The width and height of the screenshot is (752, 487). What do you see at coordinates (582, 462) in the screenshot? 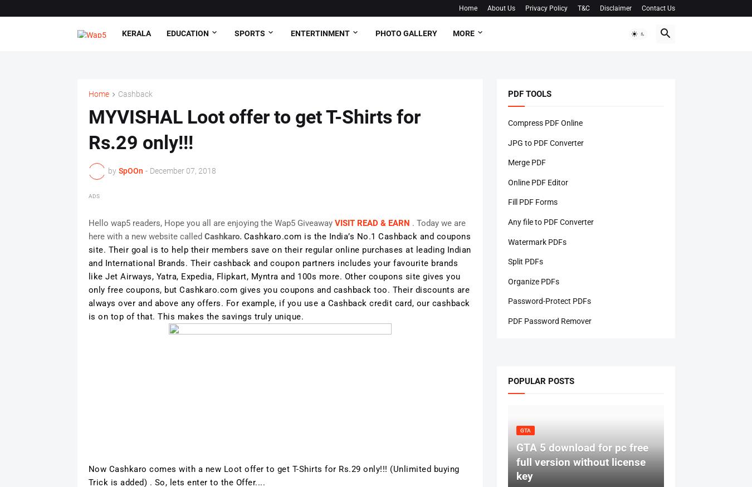
I see `'GTA 5 download for pc free full version without license key'` at bounding box center [582, 462].